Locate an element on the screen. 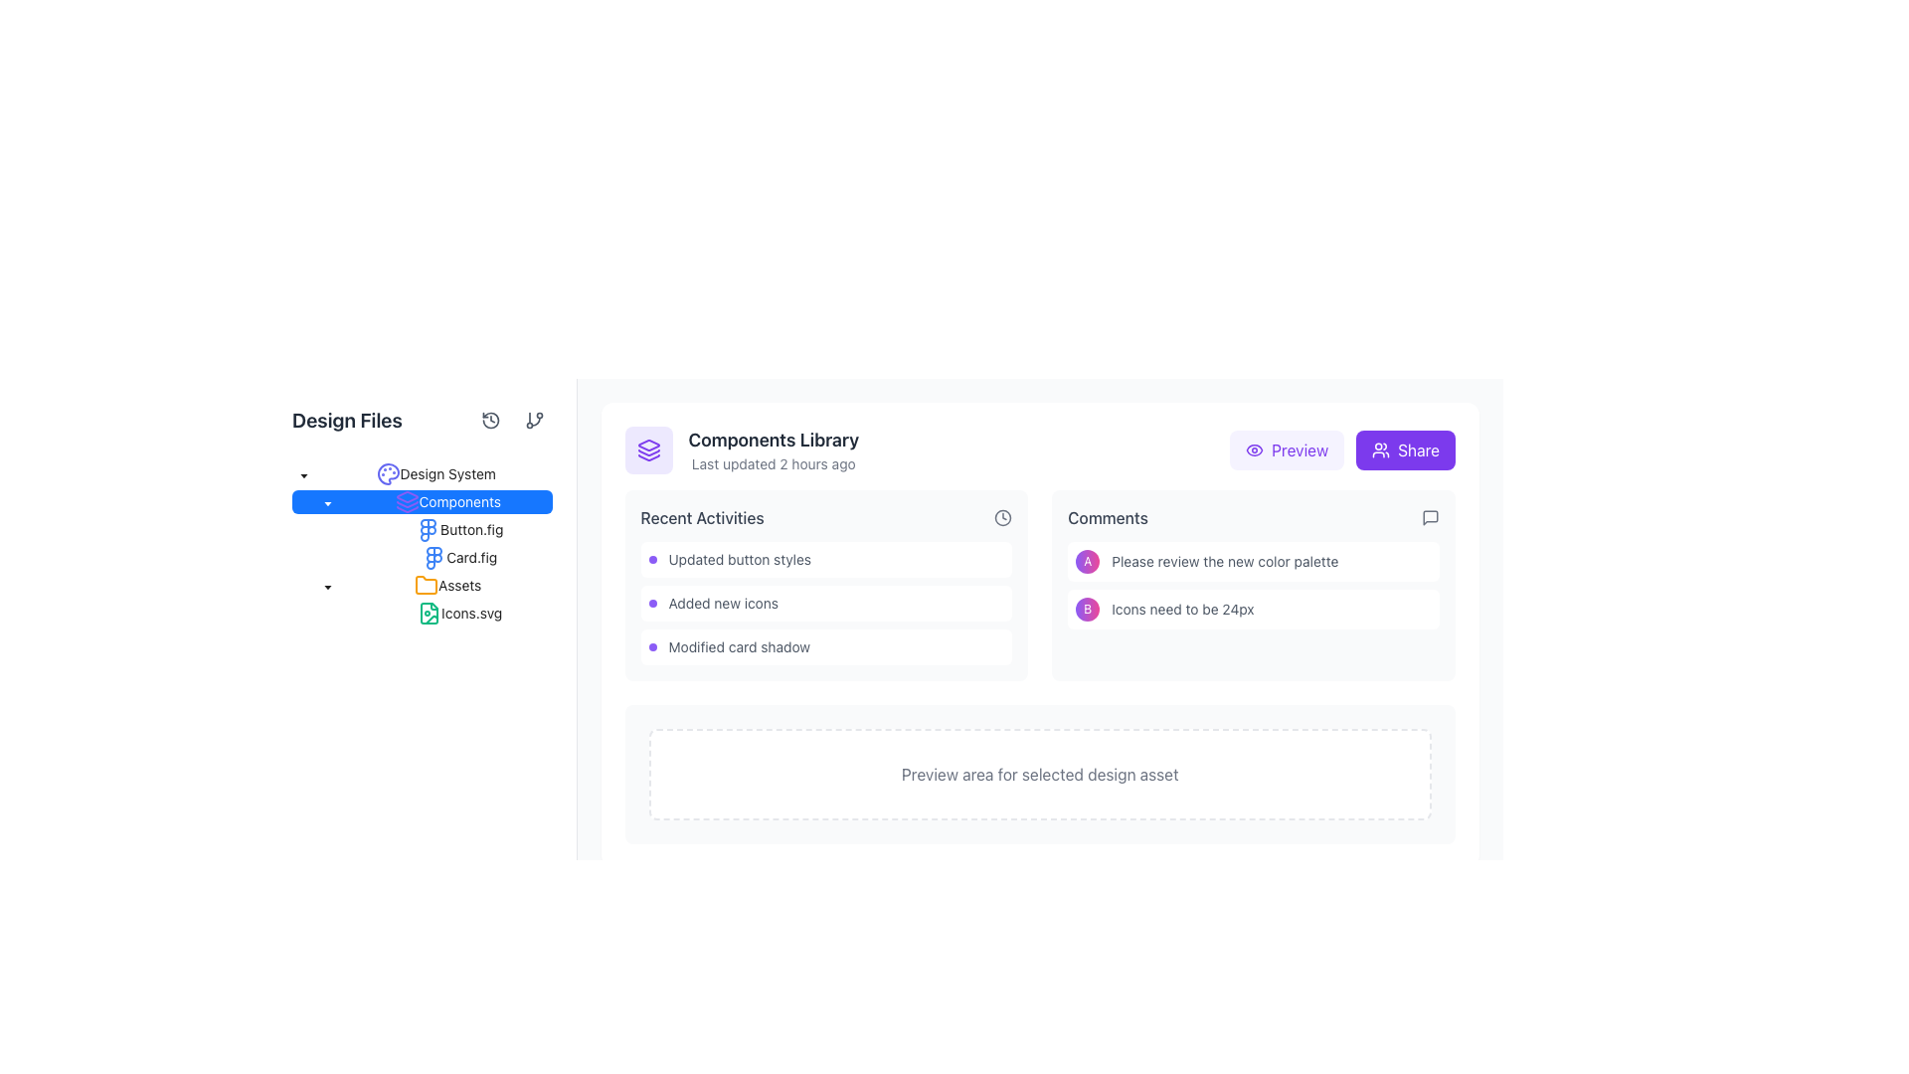  the comments section containing feedback entries 'Please review the new color palette' and 'Icons need to be 24px', located in the right side of the layout below the title 'Comments' is located at coordinates (1253, 585).